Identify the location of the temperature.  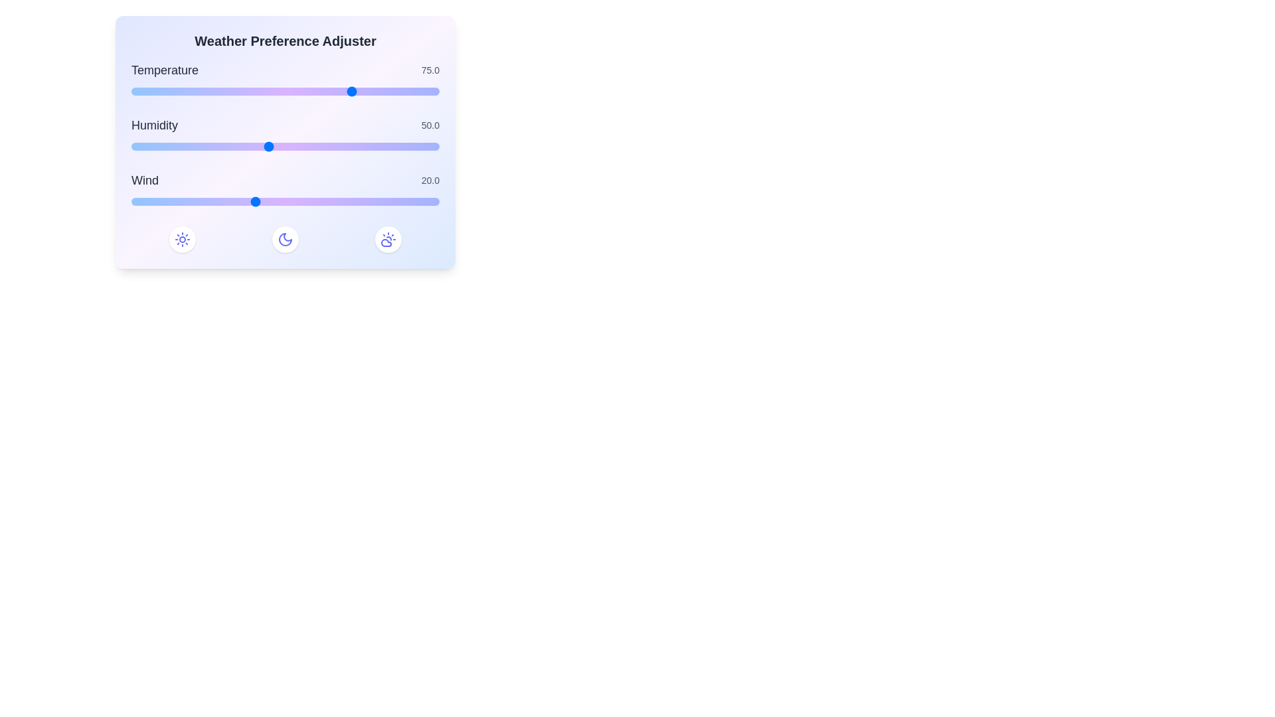
(268, 91).